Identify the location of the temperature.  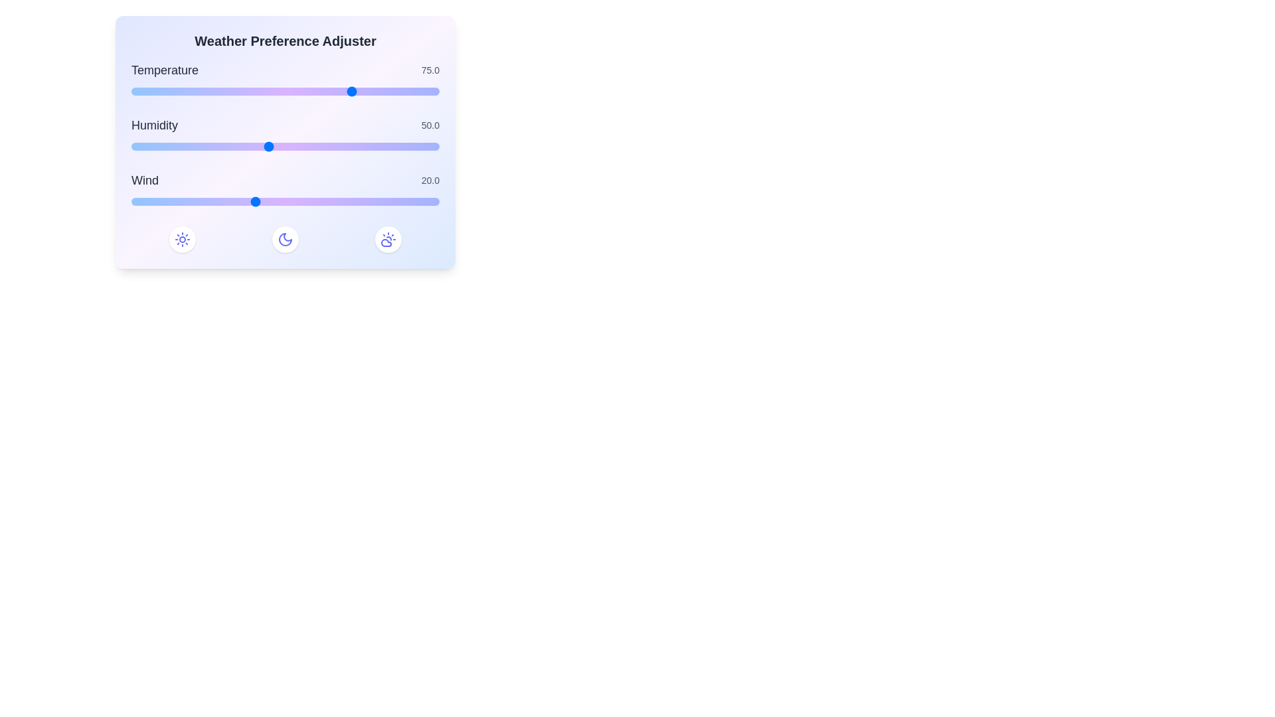
(268, 91).